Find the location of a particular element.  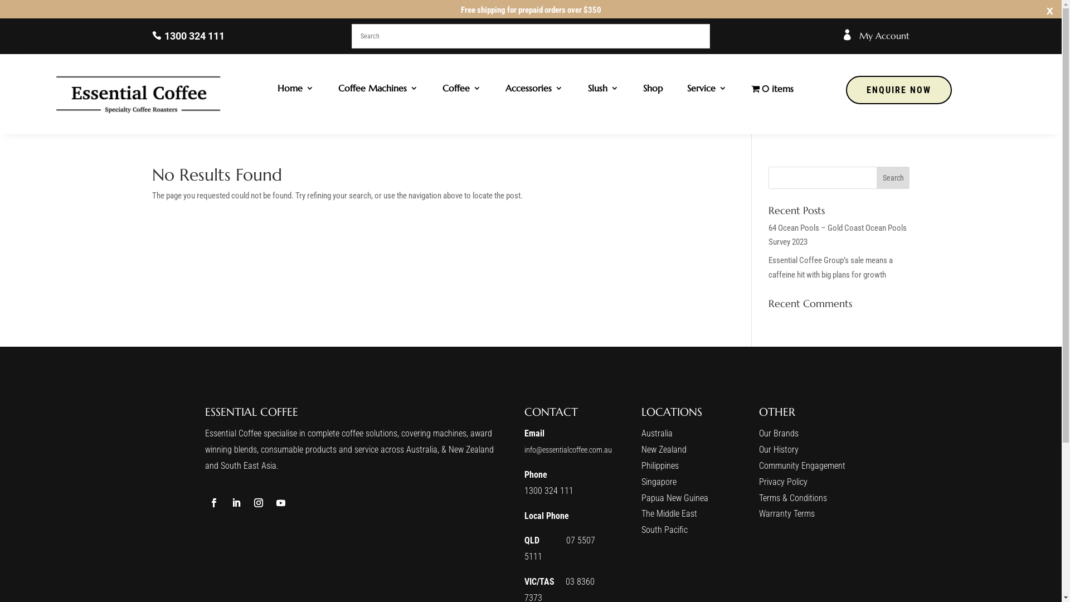

'0 items' is located at coordinates (772, 90).